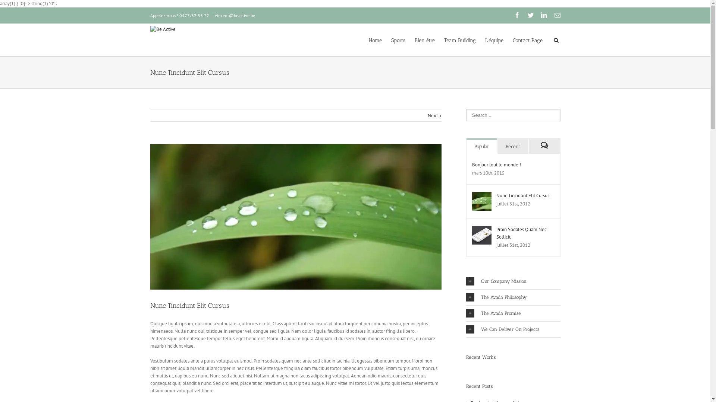  What do you see at coordinates (513, 281) in the screenshot?
I see `'Our Company Mission'` at bounding box center [513, 281].